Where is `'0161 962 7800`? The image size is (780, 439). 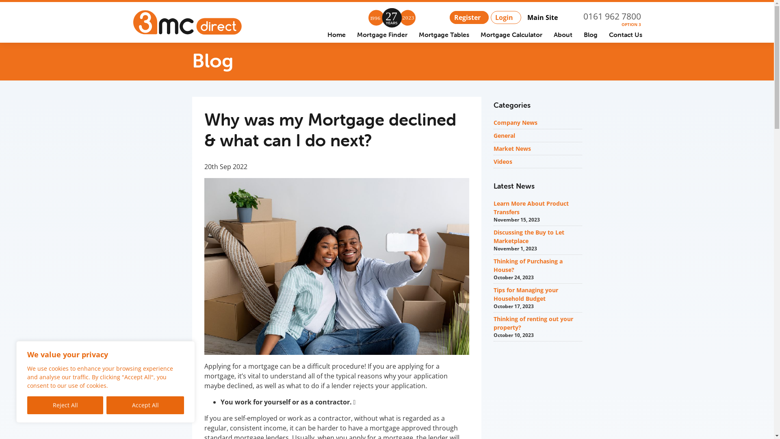
'0161 962 7800 is located at coordinates (583, 17).